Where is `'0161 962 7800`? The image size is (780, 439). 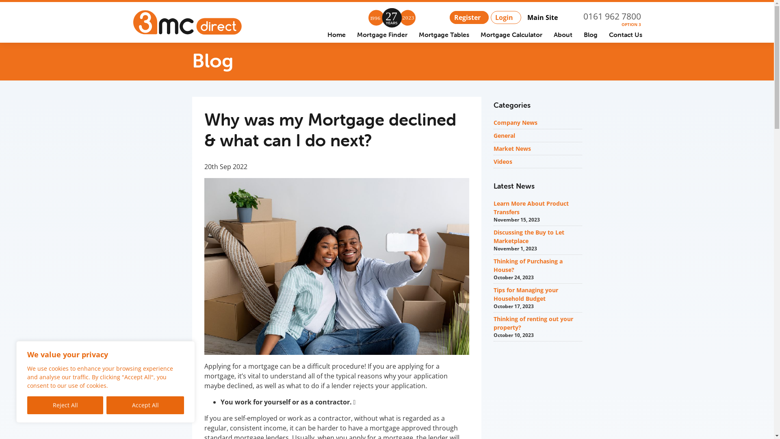
'0161 962 7800 is located at coordinates (583, 17).